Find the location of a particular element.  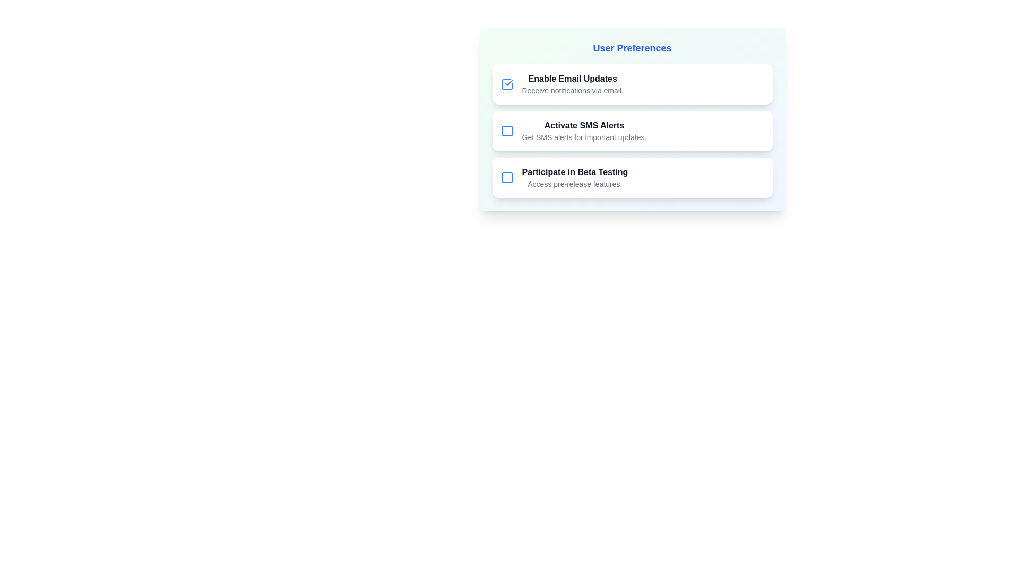

the decorative icon on the left side of the title and description text in the 'Activate SMS Alerts' card is located at coordinates (506, 130).